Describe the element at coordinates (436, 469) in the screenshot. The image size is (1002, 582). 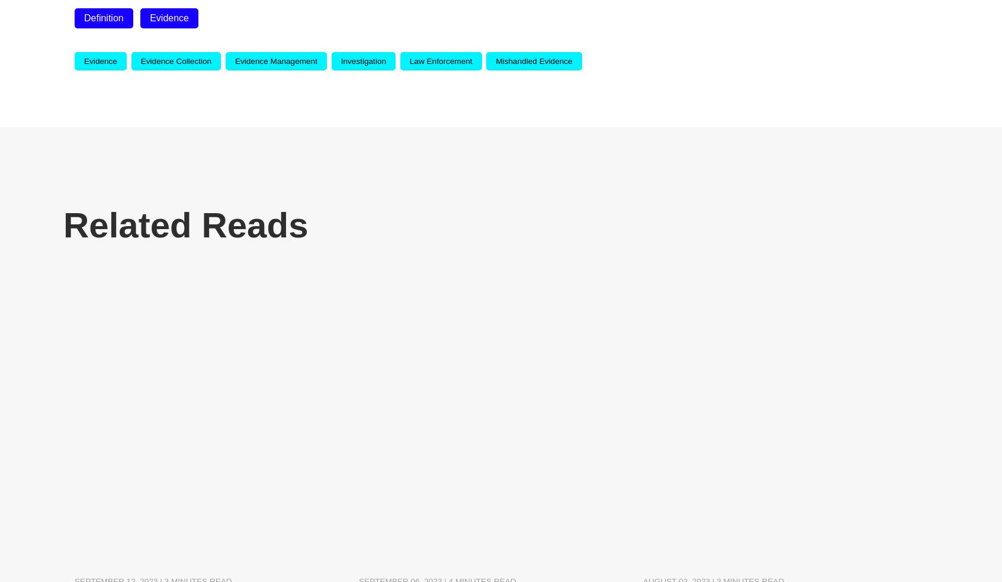
I see `'September 06, 2023 | 4 minutes read'` at that location.